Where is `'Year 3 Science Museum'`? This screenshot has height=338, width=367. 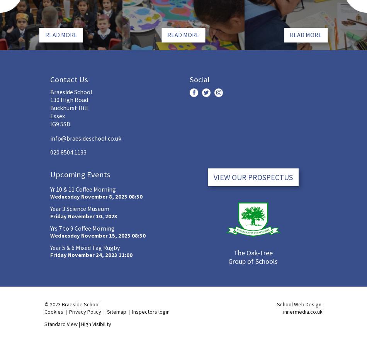 'Year 3 Science Museum' is located at coordinates (80, 208).